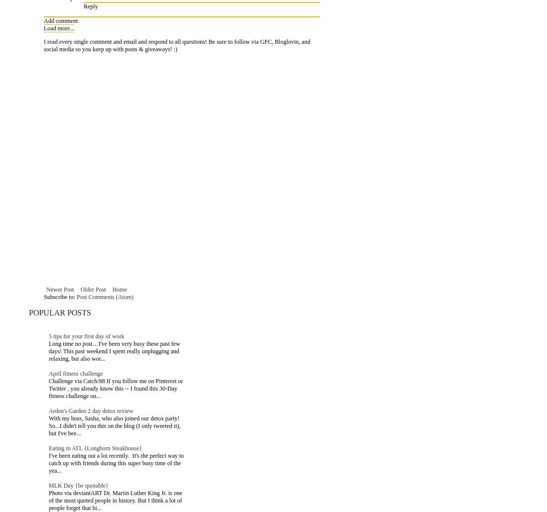  I want to click on '5 tips for your first day of work', so click(86, 335).